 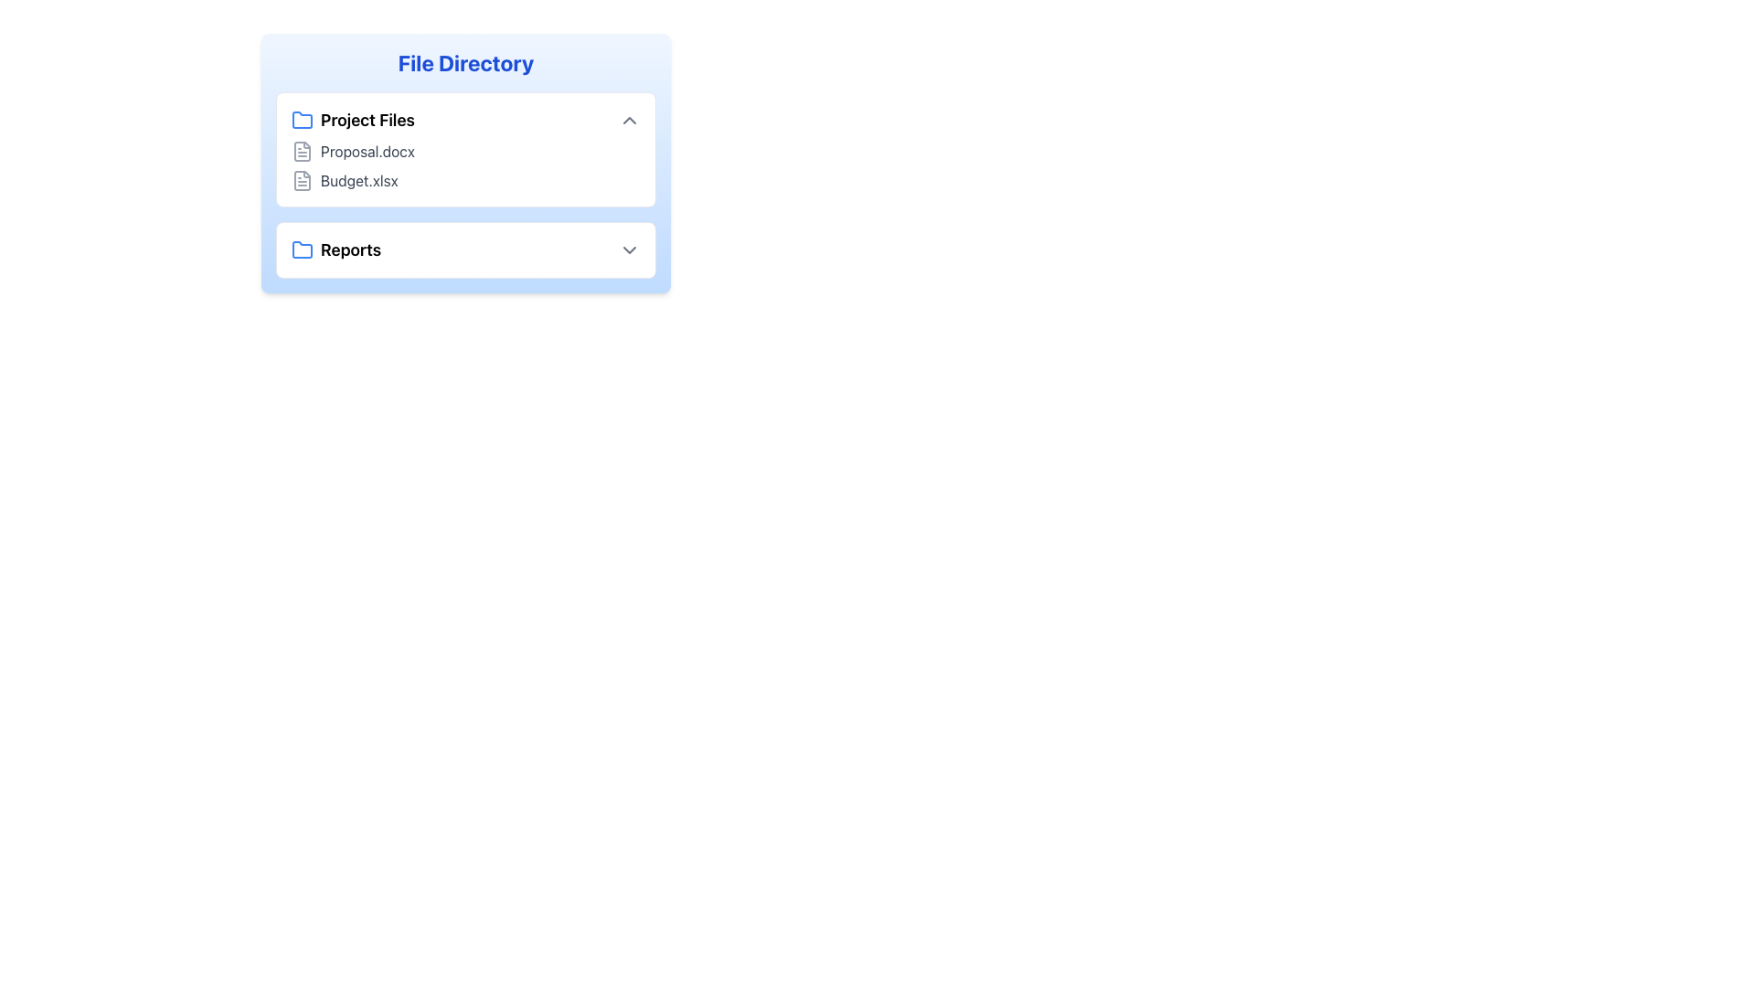 What do you see at coordinates (465, 150) in the screenshot?
I see `the list item representing the document named 'Proposal.docx' in the 'Project Files' section` at bounding box center [465, 150].